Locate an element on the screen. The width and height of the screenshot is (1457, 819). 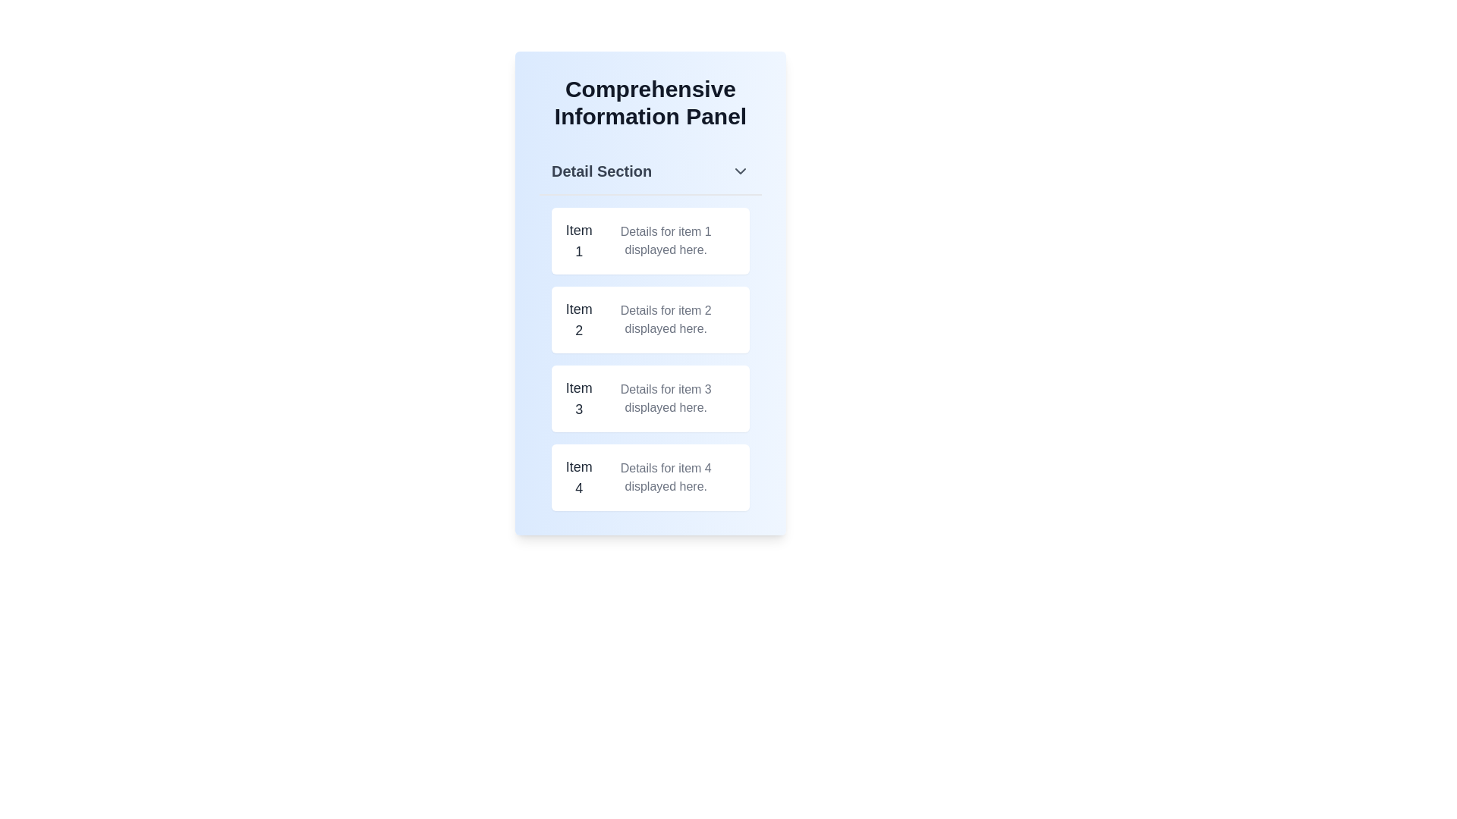
the downward-pointing chevron icon located at the top right of the 'Detail Section' header is located at coordinates (740, 171).